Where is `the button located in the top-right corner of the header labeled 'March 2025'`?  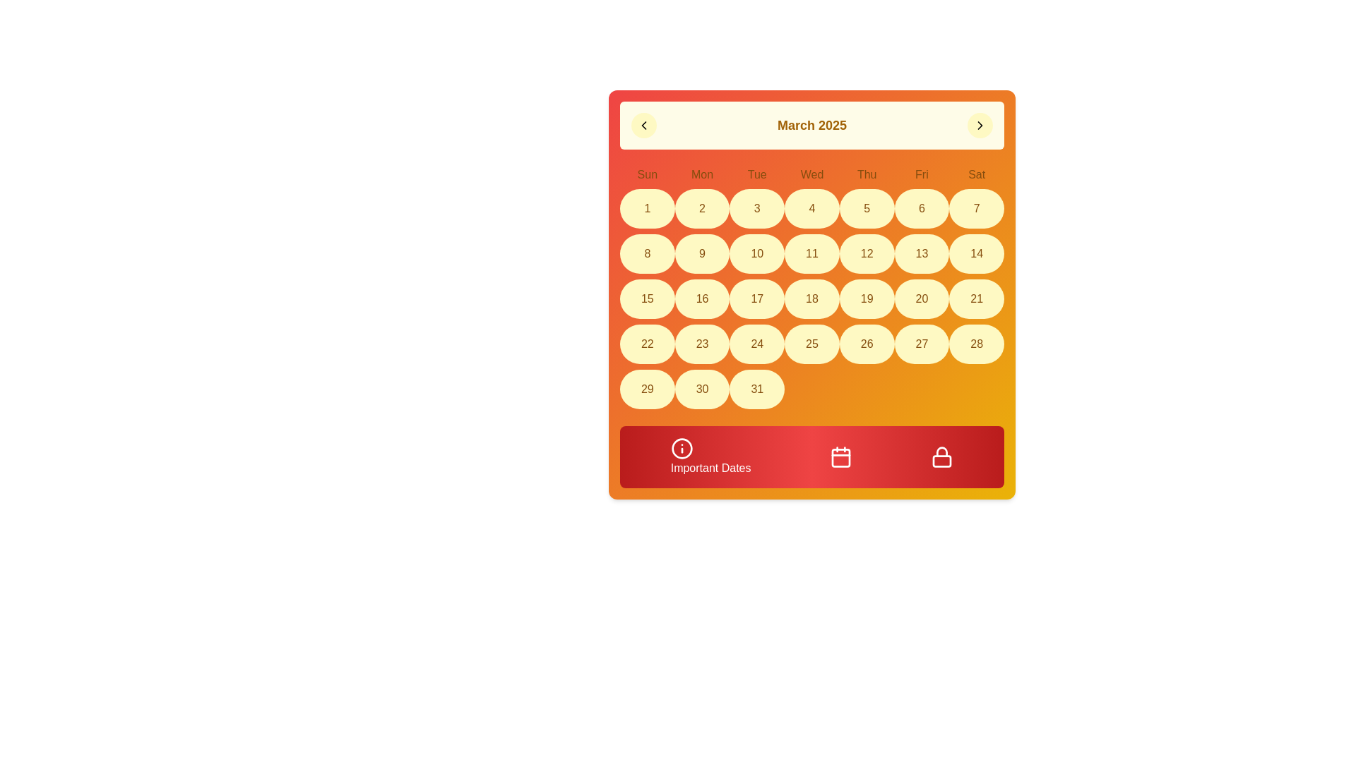 the button located in the top-right corner of the header labeled 'March 2025' is located at coordinates (979, 124).